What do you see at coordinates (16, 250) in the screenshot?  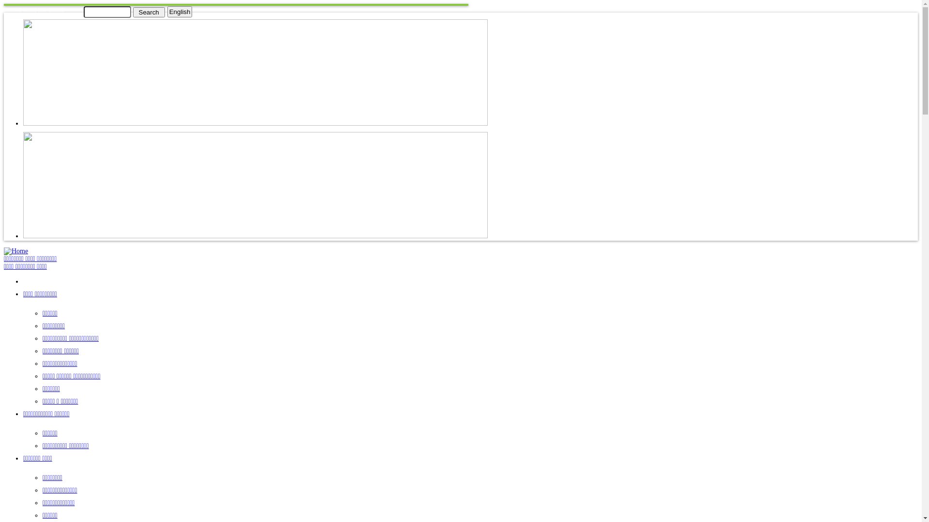 I see `'Home'` at bounding box center [16, 250].